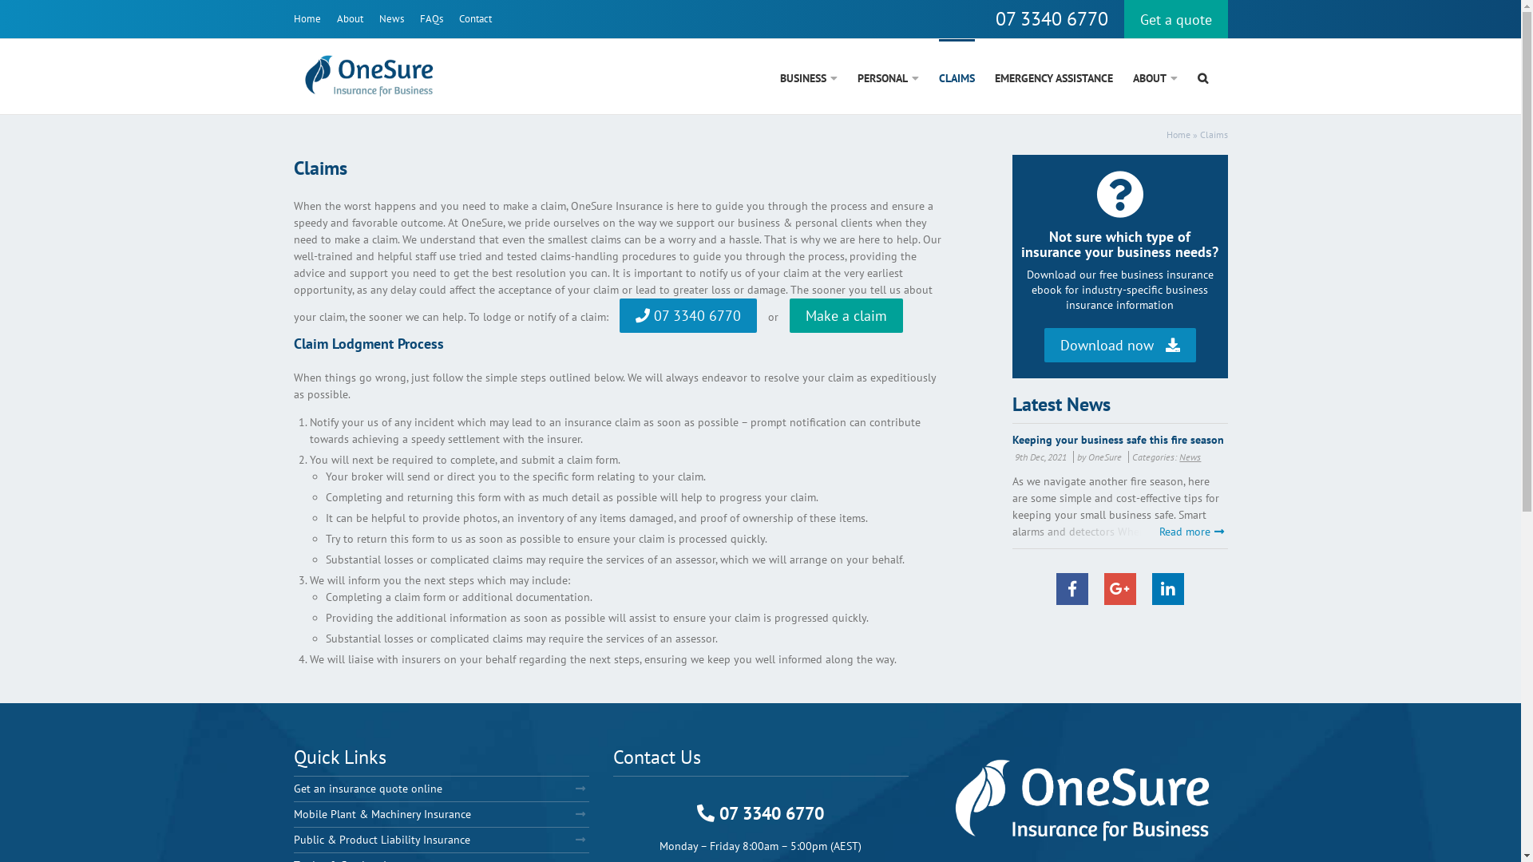 The width and height of the screenshot is (1533, 862). What do you see at coordinates (697, 813) in the screenshot?
I see `'07 3340 6770'` at bounding box center [697, 813].